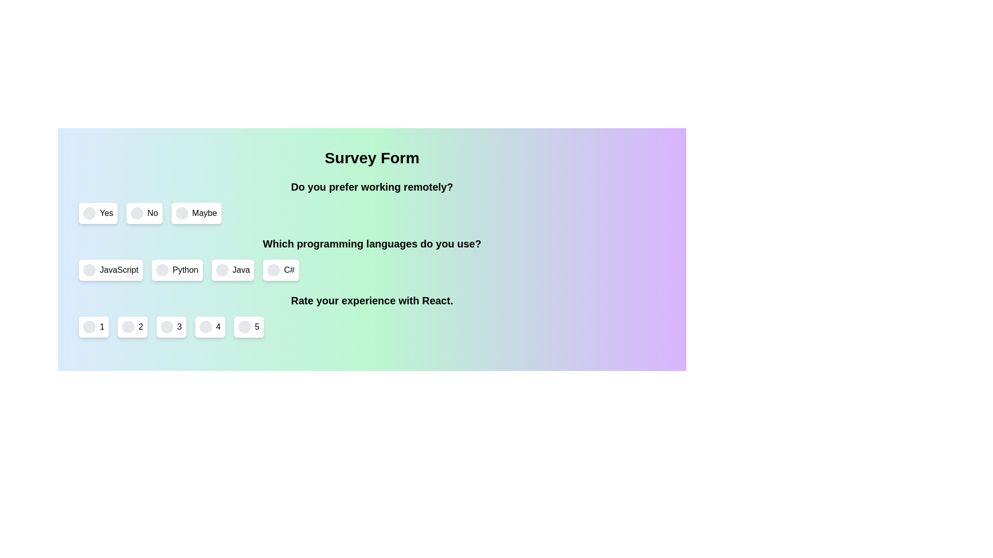 The height and width of the screenshot is (558, 993). Describe the element at coordinates (111, 270) in the screenshot. I see `the 'JavaScript' selectable button in the section labeled 'Which programming languages do you use?'` at that location.